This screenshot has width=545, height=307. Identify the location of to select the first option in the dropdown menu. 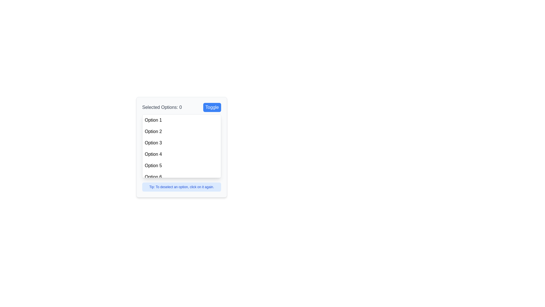
(181, 120).